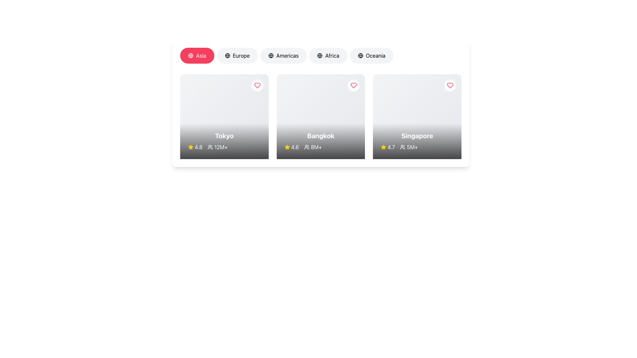  Describe the element at coordinates (295, 147) in the screenshot. I see `rating value (4.6) from the text label located below the card title 'Bangkok' and next to the star icon in the second card from the left` at that location.